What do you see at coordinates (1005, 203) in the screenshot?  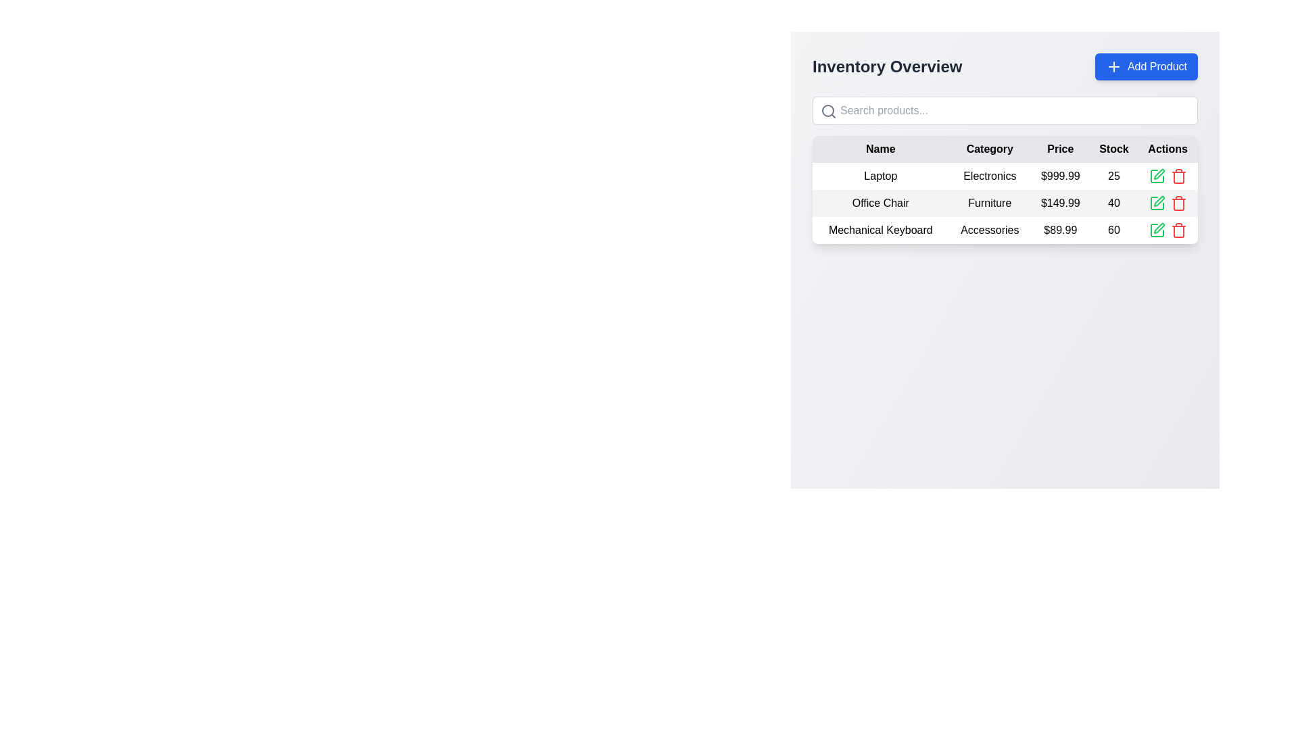 I see `to select the second row in the product inventory table representing 'Office Chair', which contains details about the product and interactive buttons` at bounding box center [1005, 203].